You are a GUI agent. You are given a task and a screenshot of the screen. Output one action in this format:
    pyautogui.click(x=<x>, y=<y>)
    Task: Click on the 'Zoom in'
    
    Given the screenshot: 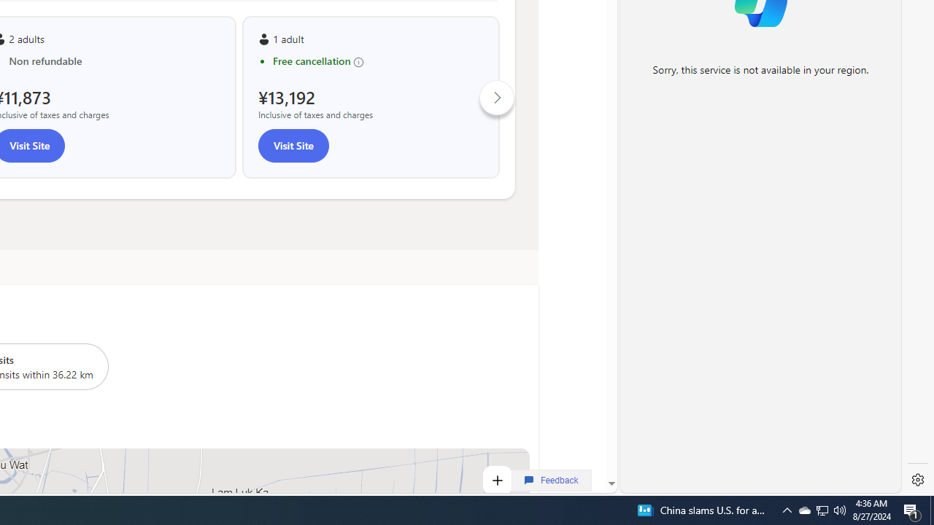 What is the action you would take?
    pyautogui.click(x=496, y=481)
    